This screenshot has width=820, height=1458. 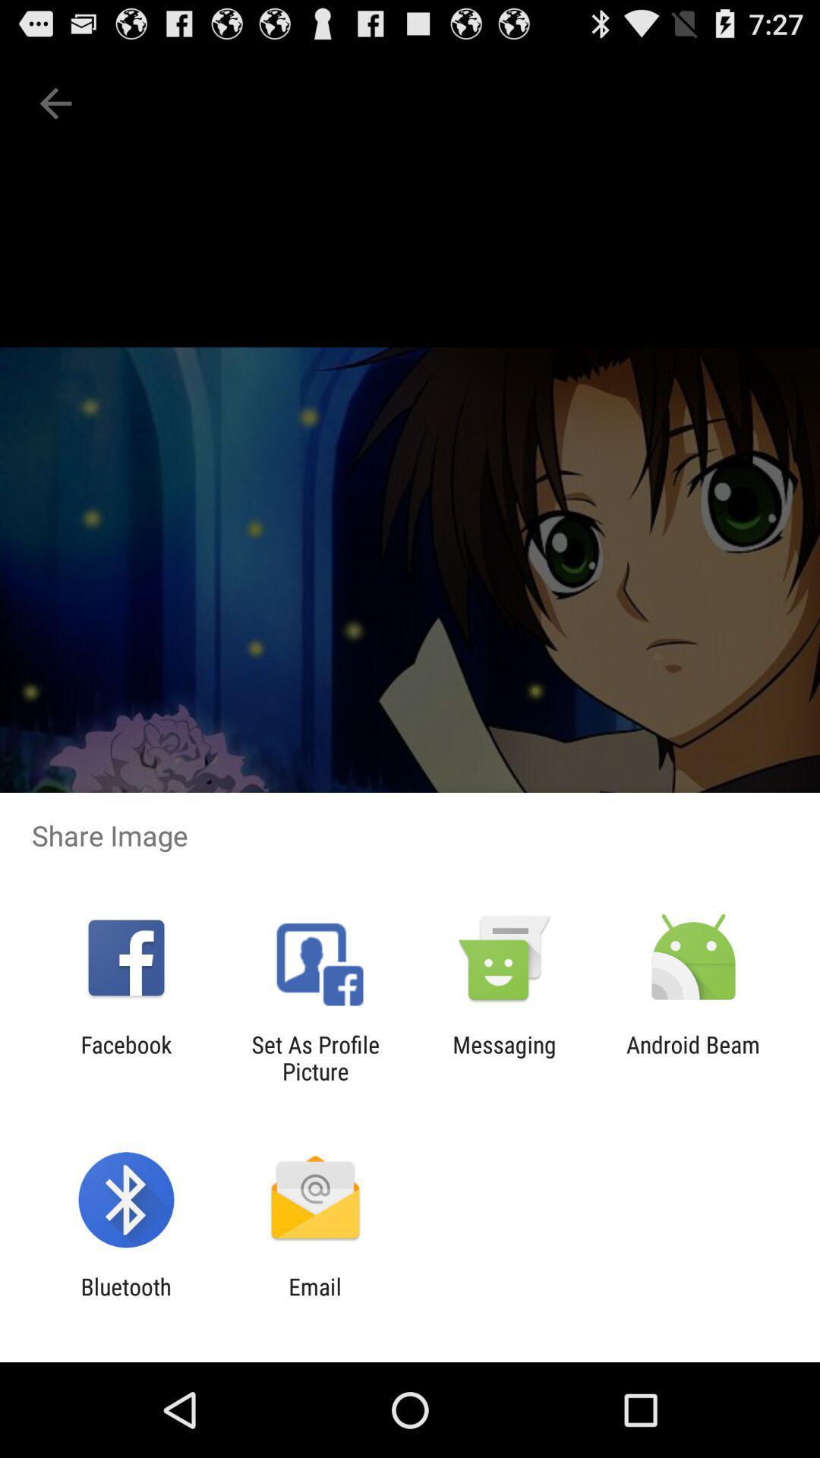 I want to click on the icon next to messaging, so click(x=314, y=1057).